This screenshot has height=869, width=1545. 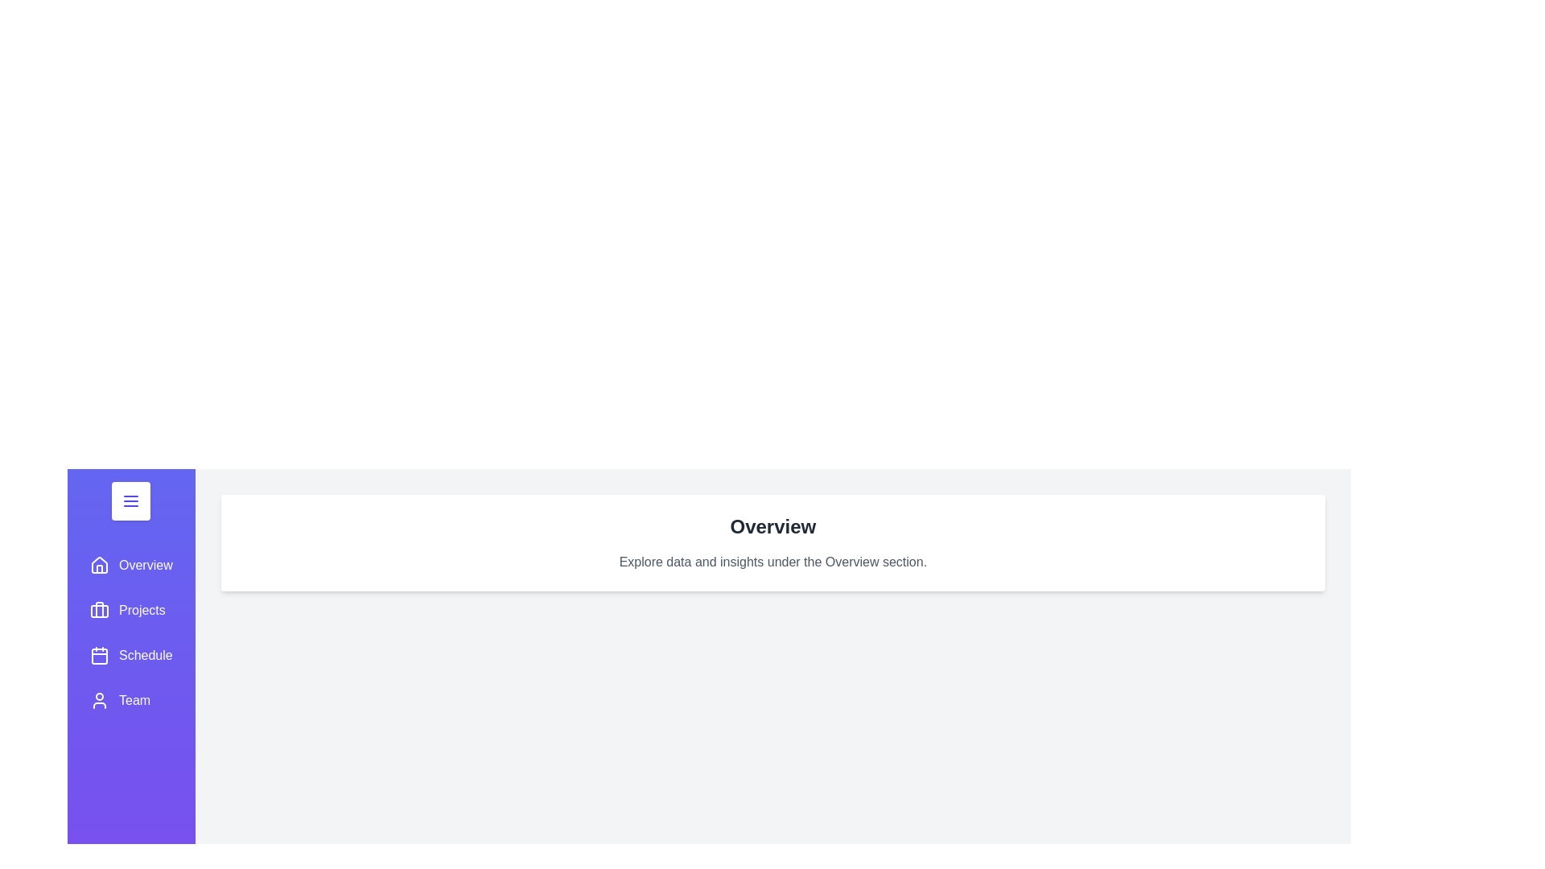 What do you see at coordinates (131, 611) in the screenshot?
I see `the section Projects from the sidebar` at bounding box center [131, 611].